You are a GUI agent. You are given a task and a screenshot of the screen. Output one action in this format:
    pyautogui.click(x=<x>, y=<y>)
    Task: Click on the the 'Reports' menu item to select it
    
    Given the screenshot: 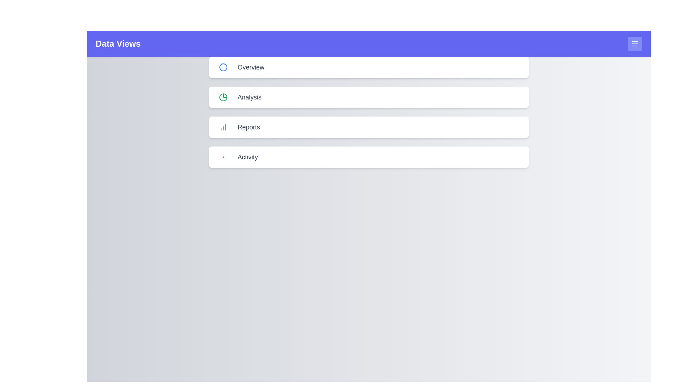 What is the action you would take?
    pyautogui.click(x=369, y=127)
    